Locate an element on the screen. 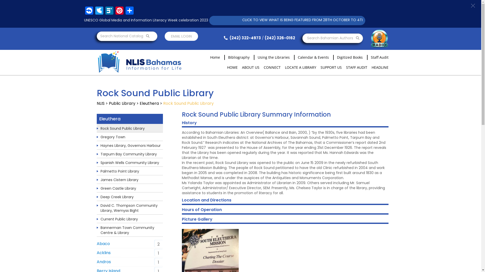  'Twitter' is located at coordinates (99, 11).